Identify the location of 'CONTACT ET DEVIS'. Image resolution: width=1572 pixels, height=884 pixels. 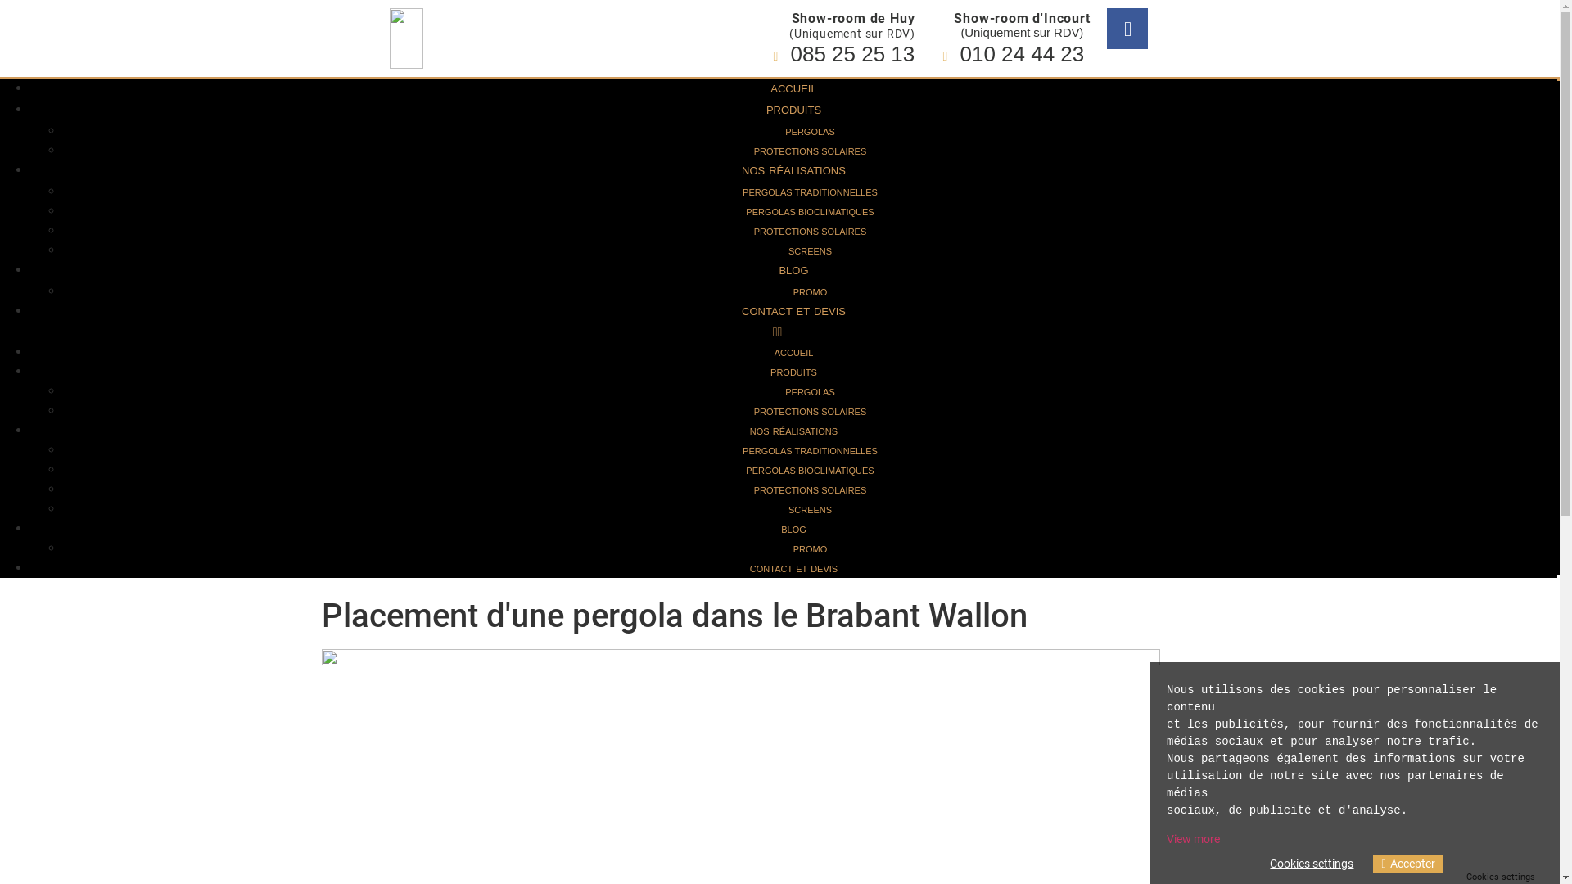
(793, 311).